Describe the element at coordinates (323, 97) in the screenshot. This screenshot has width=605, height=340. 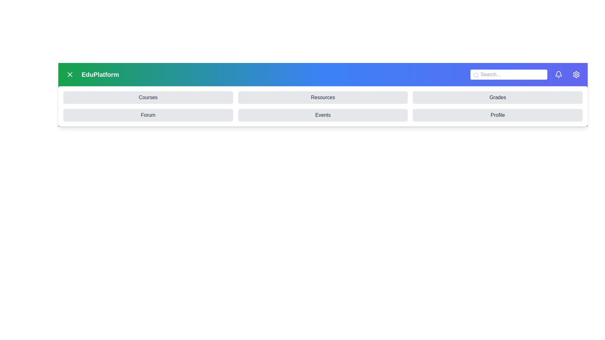
I see `the menu item Resources from the navigation menu` at that location.